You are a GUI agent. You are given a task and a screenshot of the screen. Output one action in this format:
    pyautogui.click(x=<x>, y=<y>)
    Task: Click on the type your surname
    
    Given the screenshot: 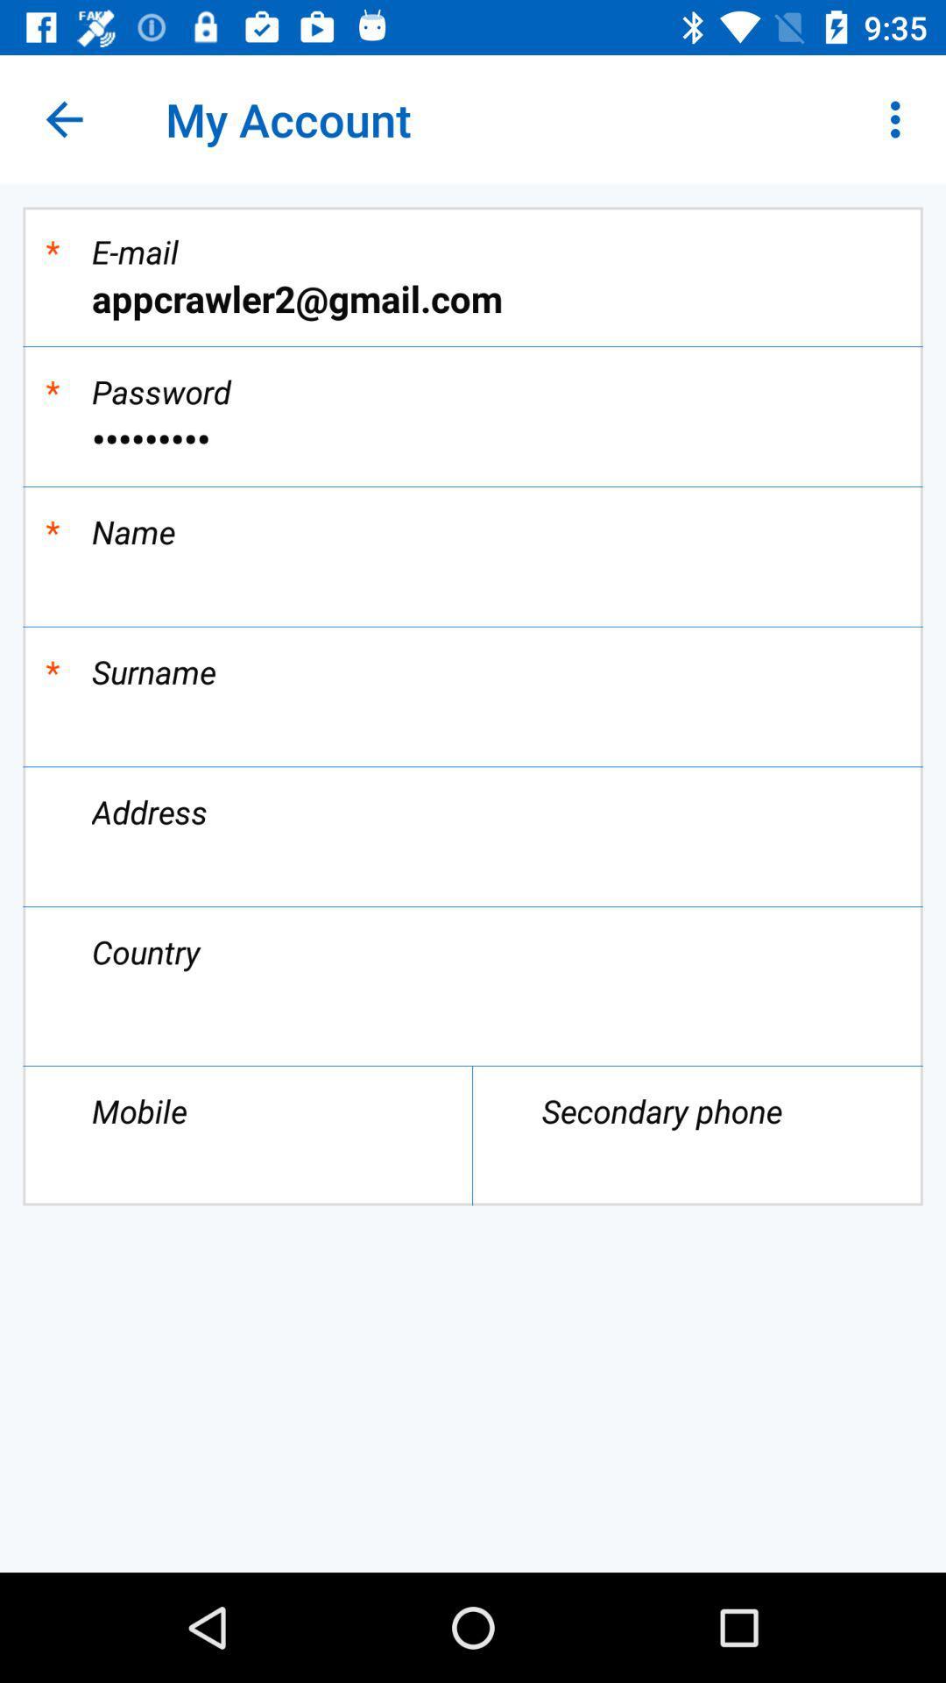 What is the action you would take?
    pyautogui.click(x=473, y=718)
    